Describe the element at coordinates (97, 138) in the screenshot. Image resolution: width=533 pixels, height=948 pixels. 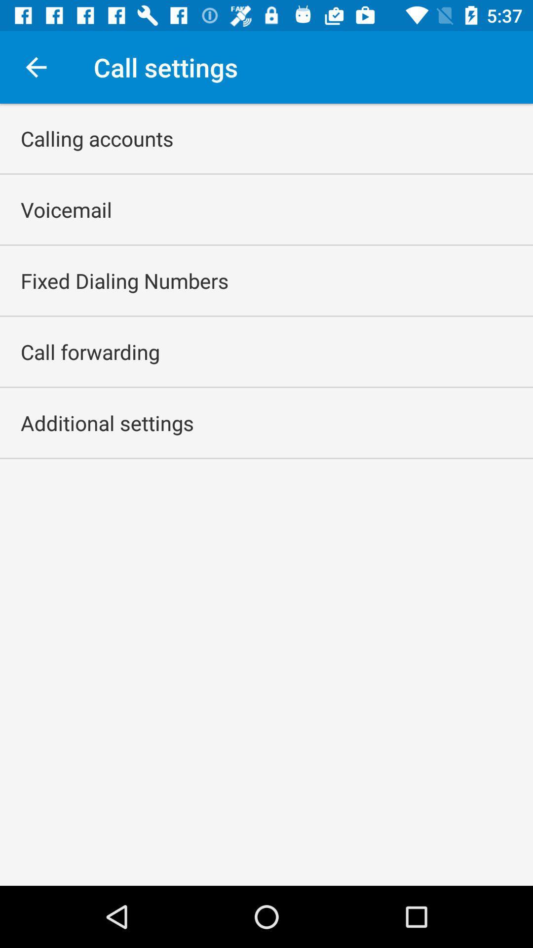
I see `icon above the voicemail` at that location.